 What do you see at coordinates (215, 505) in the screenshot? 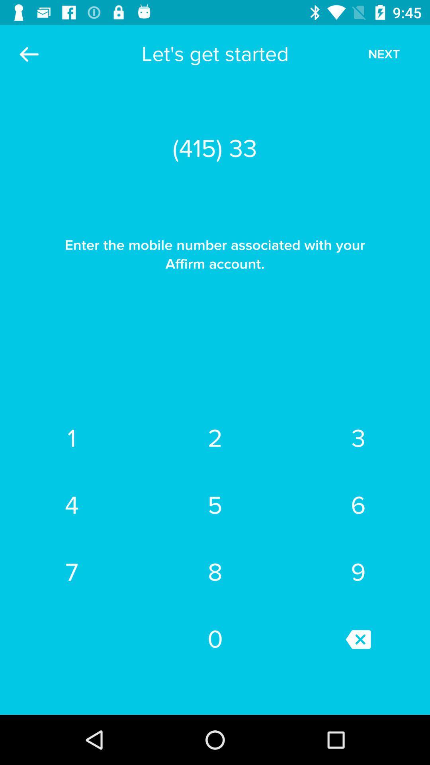
I see `the item above 7` at bounding box center [215, 505].